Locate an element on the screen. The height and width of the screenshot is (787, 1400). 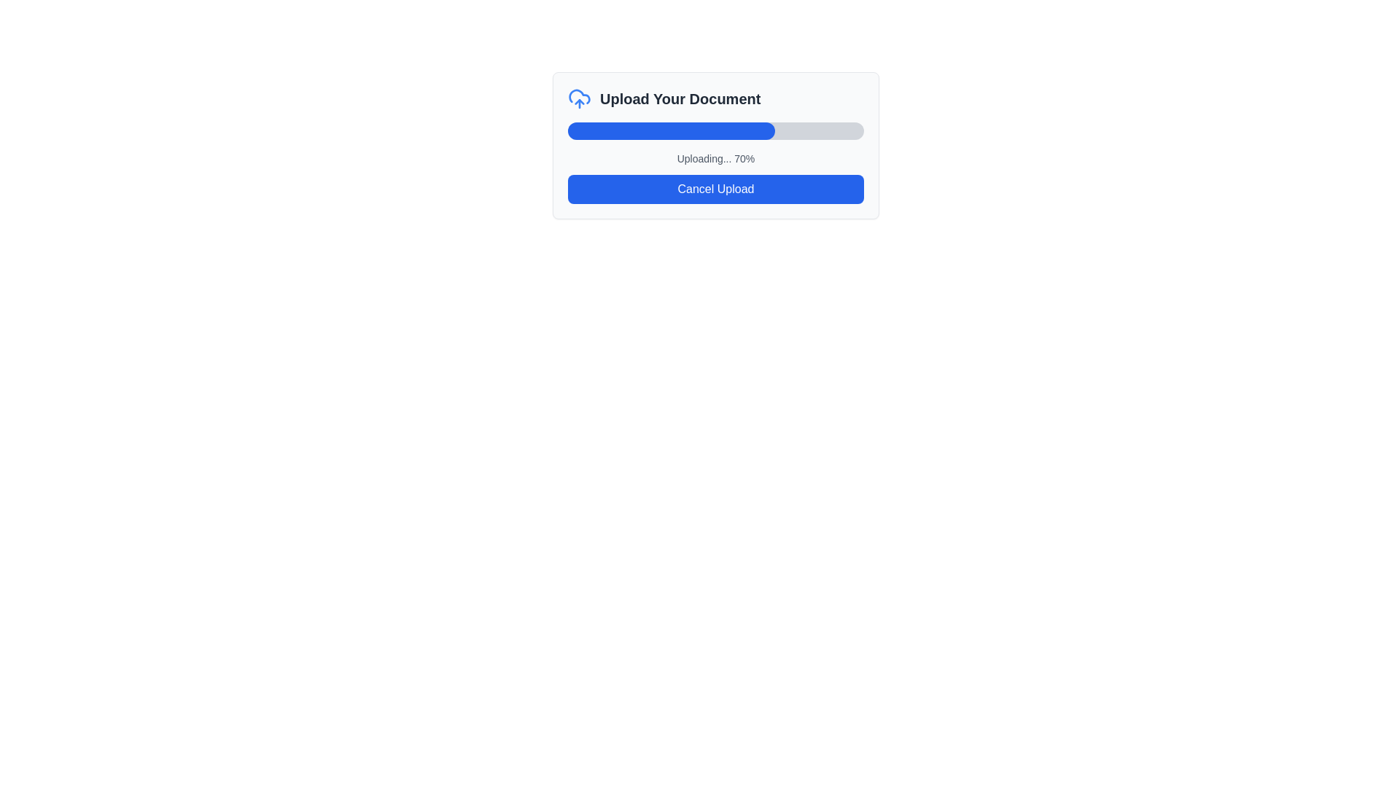
the blue cloud icon with an upward-pointing arrow, located to the left of the 'Upload Your Document' text in the top-centered modal dialog box is located at coordinates (579, 98).